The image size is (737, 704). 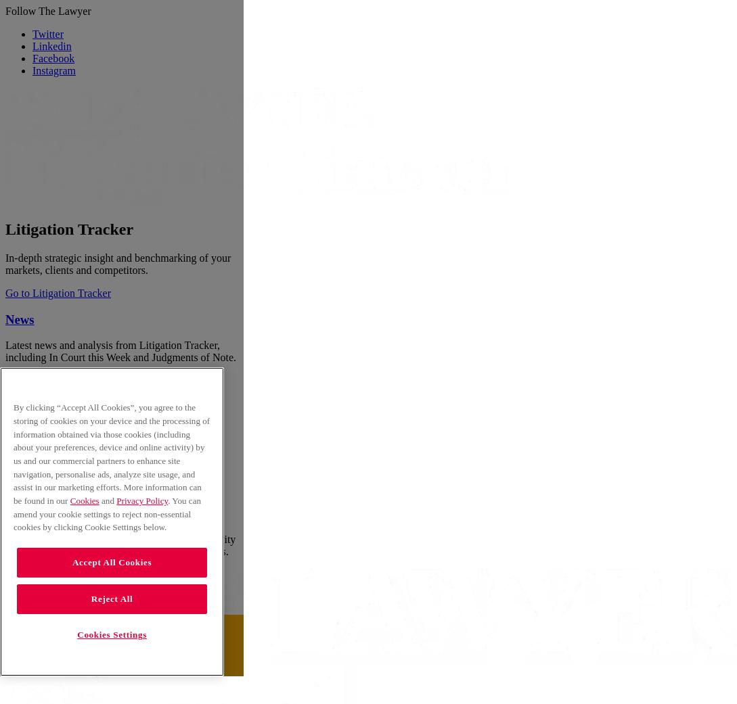 What do you see at coordinates (53, 57) in the screenshot?
I see `'Facebook'` at bounding box center [53, 57].